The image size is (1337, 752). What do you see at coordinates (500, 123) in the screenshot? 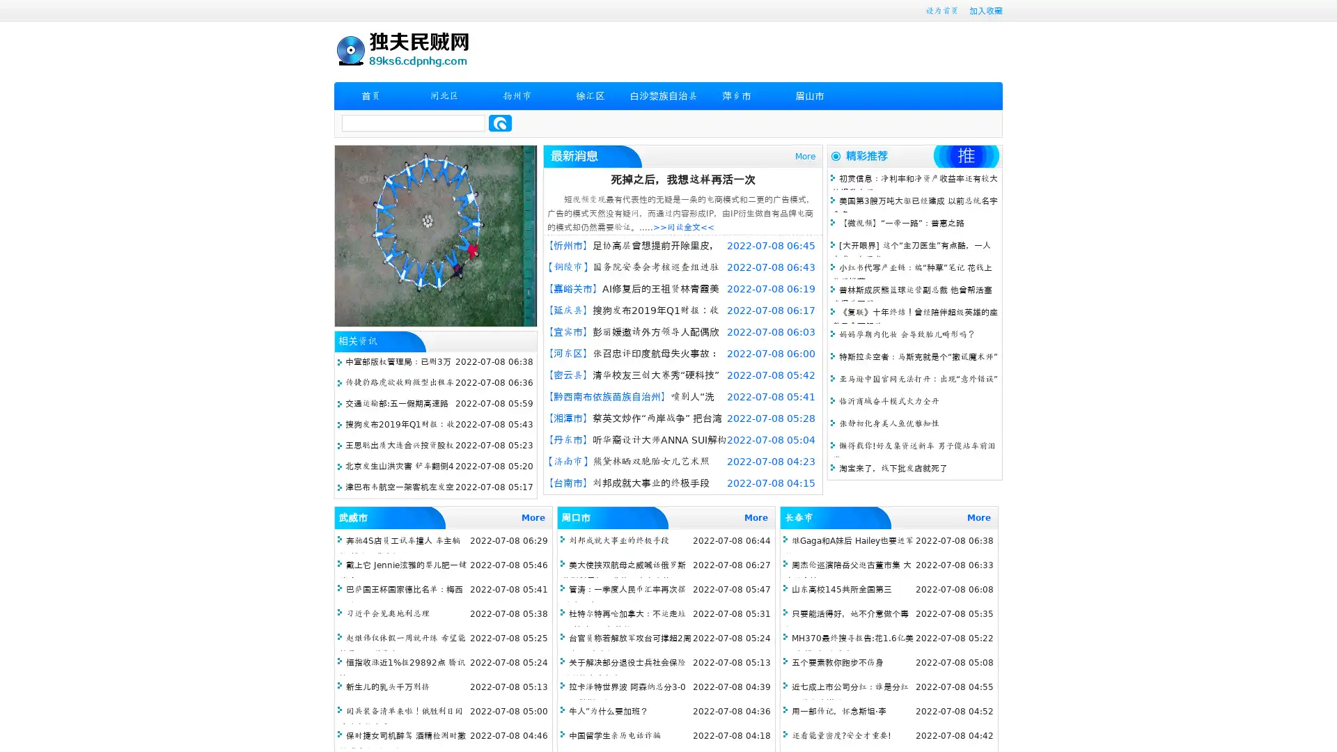
I see `Search` at bounding box center [500, 123].